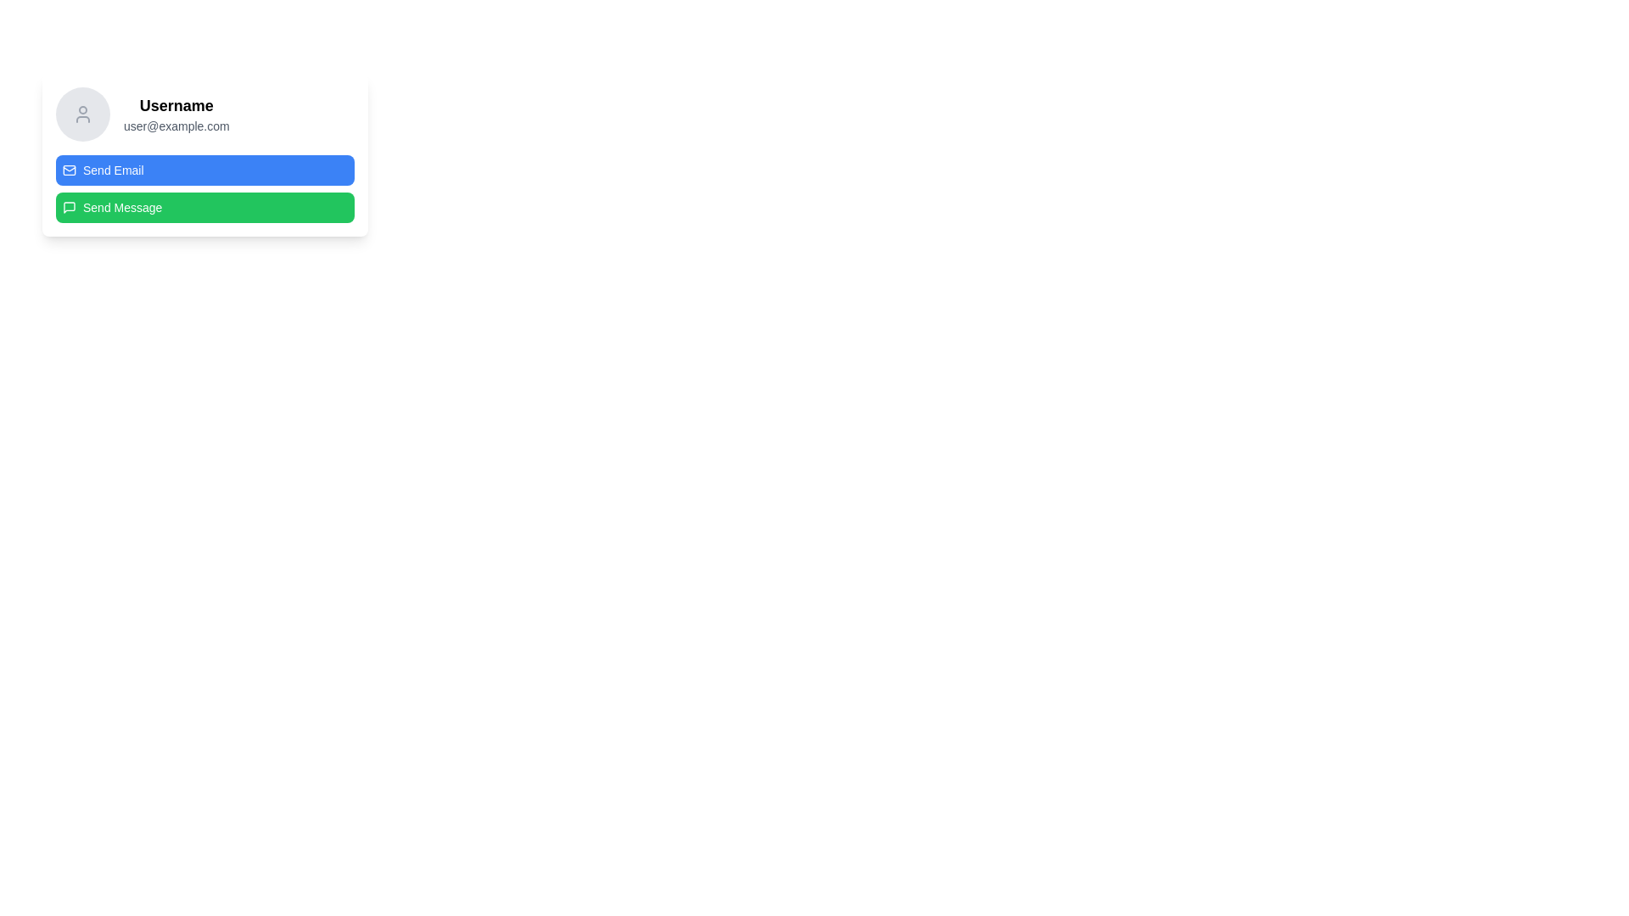 The width and height of the screenshot is (1629, 916). I want to click on the 'Send Email' button which contains the icon indicating the action of sending an email, located at the top-left corner of the button, so click(68, 170).